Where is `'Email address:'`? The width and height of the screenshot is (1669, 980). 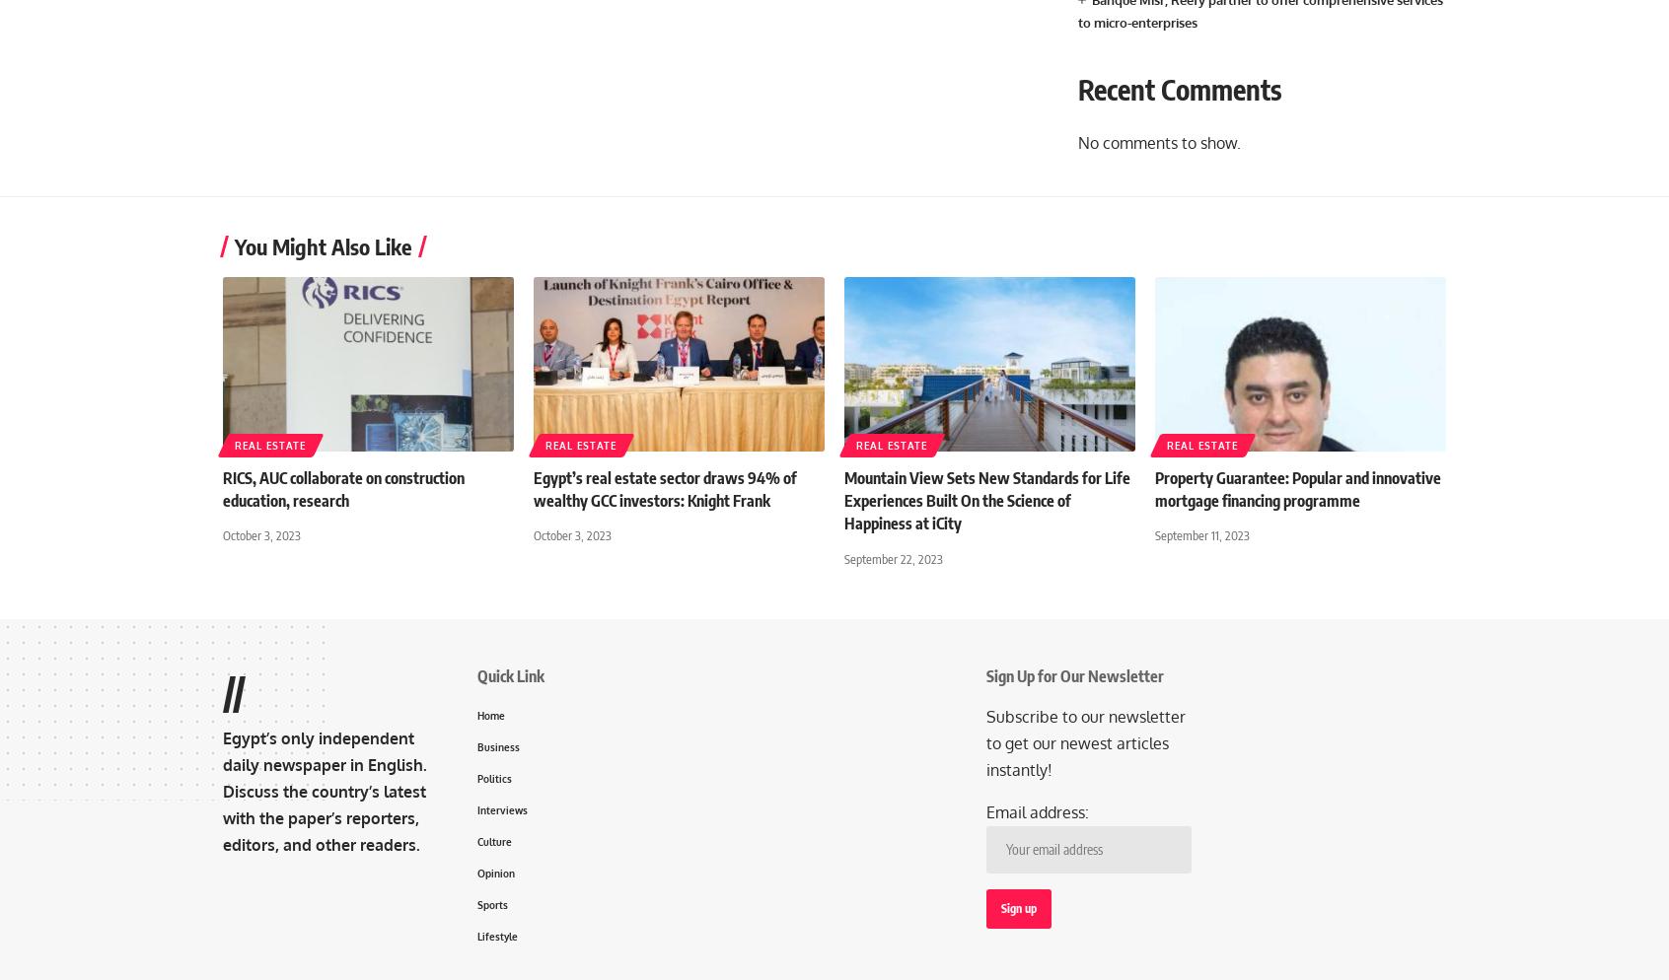 'Email address:' is located at coordinates (1036, 811).